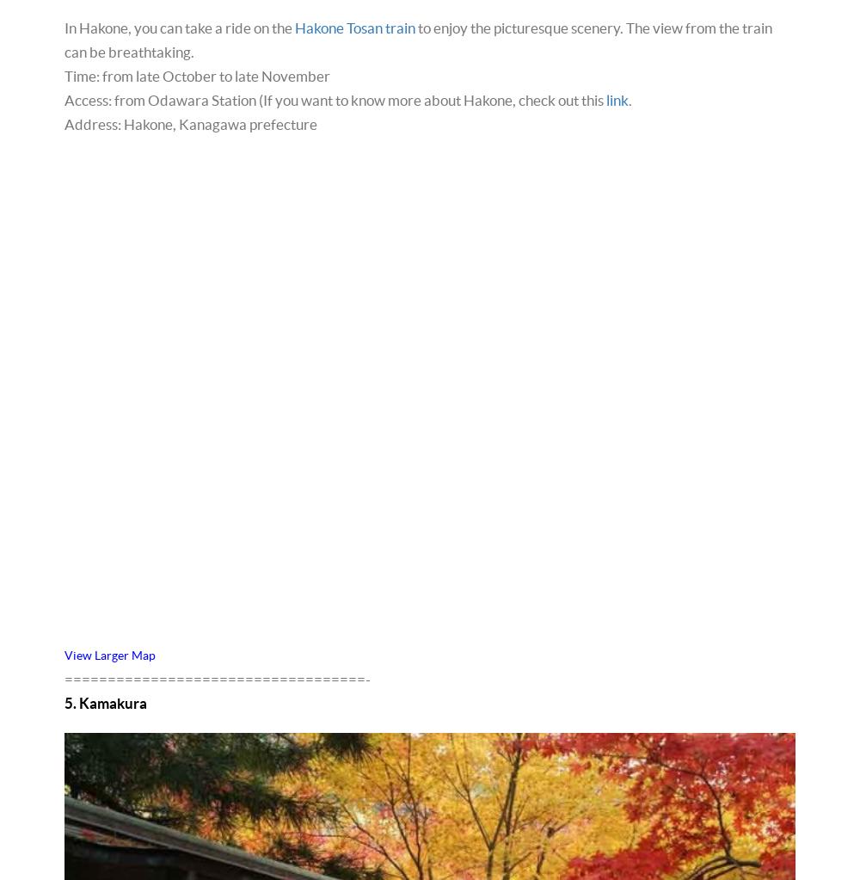  Describe the element at coordinates (64, 75) in the screenshot. I see `'Time: from late October to late November'` at that location.